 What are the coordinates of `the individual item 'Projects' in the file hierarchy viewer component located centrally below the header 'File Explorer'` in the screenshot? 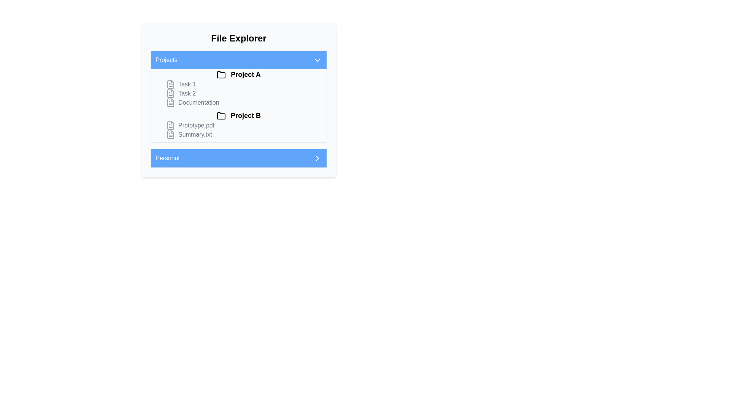 It's located at (238, 109).